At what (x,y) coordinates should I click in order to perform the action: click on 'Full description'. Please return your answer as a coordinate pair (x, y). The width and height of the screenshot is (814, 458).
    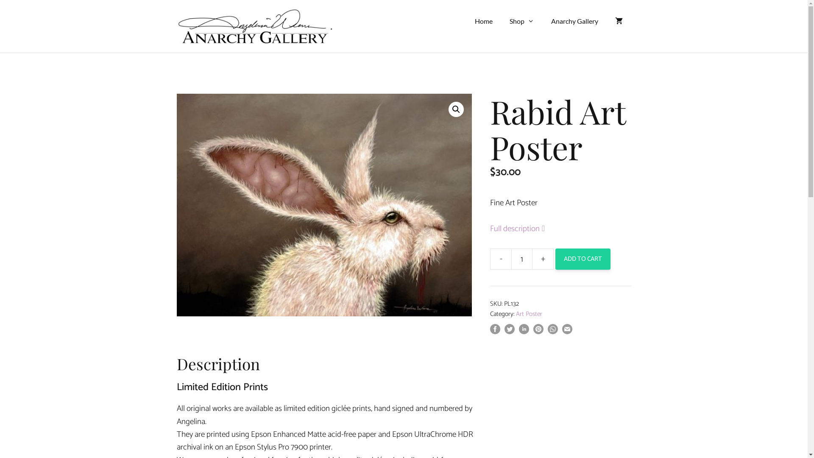
    Looking at the image, I should click on (525, 228).